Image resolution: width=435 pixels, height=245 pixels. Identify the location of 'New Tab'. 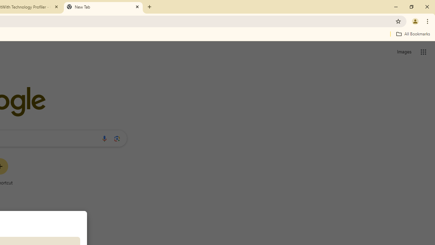
(103, 7).